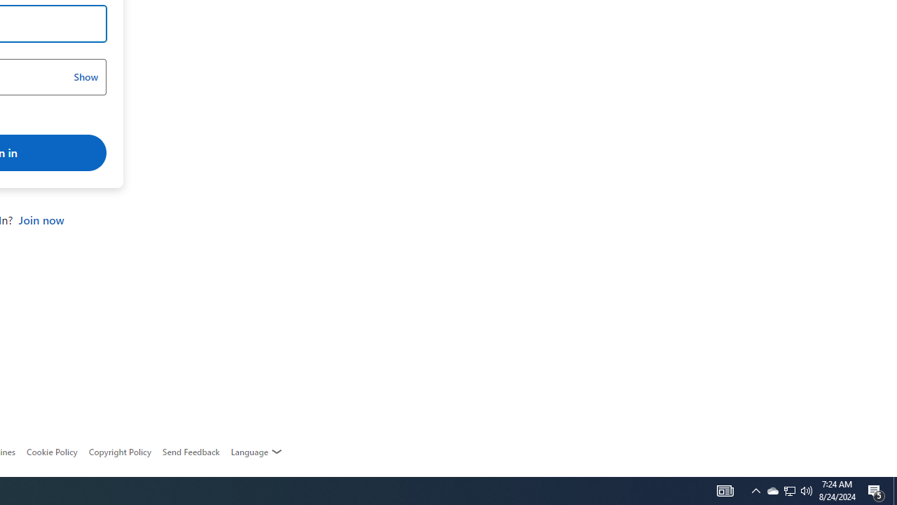 The image size is (897, 505). Describe the element at coordinates (190, 452) in the screenshot. I see `'AutomationID: feedback-request'` at that location.